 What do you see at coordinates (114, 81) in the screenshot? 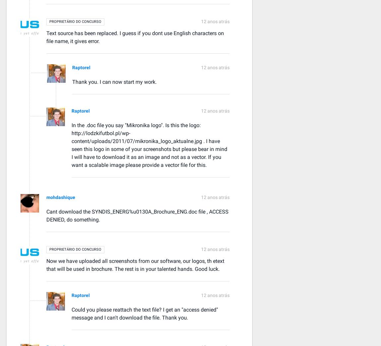
I see `'Thank you. I can now start my work.'` at bounding box center [114, 81].